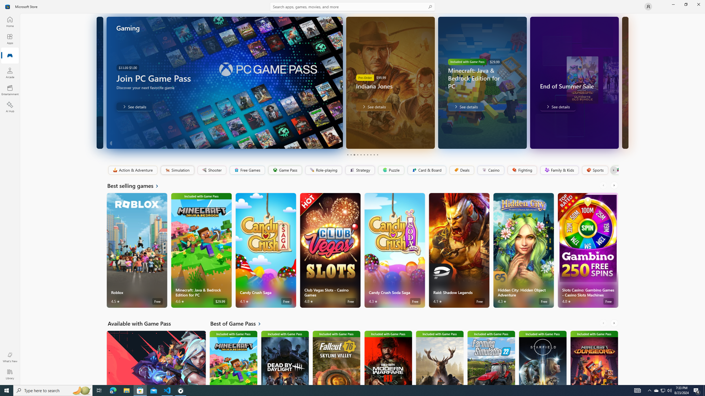 This screenshot has width=705, height=396. What do you see at coordinates (374, 155) in the screenshot?
I see `'Page 9'` at bounding box center [374, 155].